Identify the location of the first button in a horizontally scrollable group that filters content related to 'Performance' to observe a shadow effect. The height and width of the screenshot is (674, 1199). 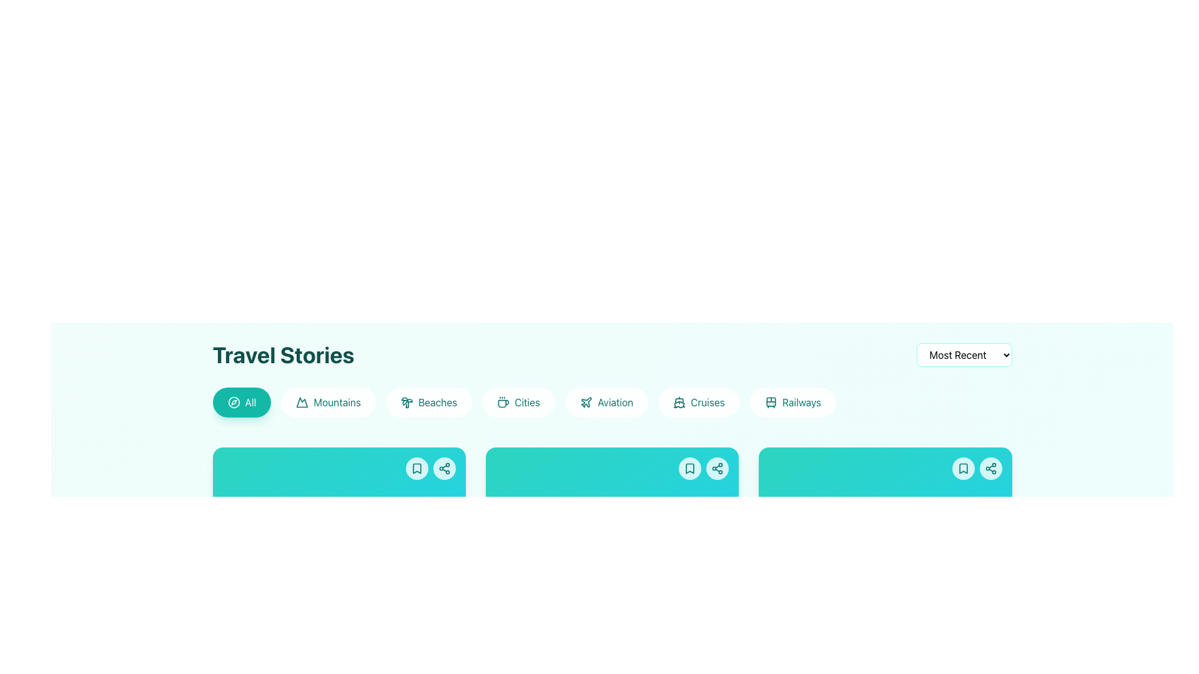
(267, 416).